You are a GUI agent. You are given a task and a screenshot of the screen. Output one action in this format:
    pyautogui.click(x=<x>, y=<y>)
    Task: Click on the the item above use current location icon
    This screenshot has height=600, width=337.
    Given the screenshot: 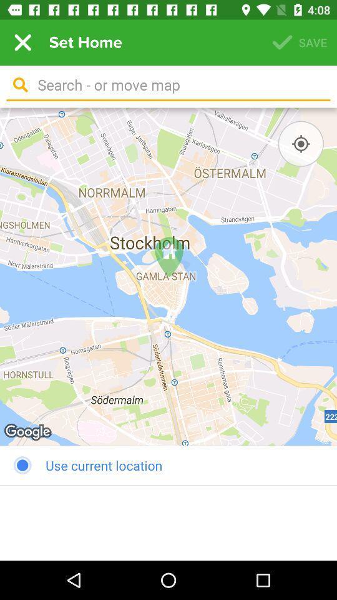 What is the action you would take?
    pyautogui.click(x=168, y=276)
    